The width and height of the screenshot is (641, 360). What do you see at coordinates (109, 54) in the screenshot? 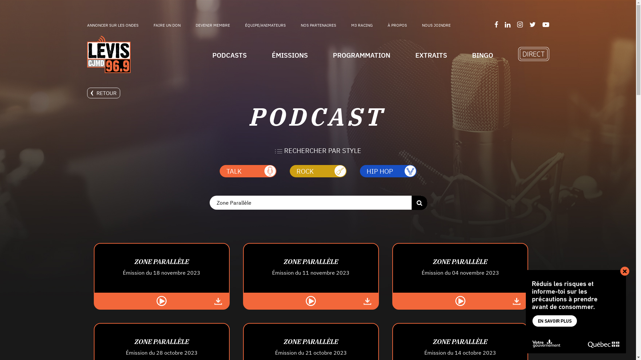
I see `'Logo 96.9FM'` at bounding box center [109, 54].